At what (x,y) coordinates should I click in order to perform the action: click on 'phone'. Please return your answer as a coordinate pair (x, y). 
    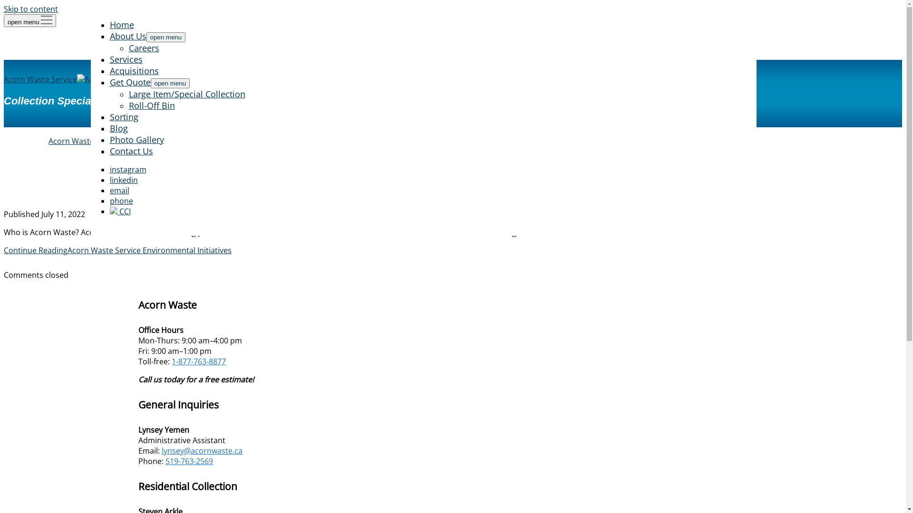
    Looking at the image, I should click on (120, 200).